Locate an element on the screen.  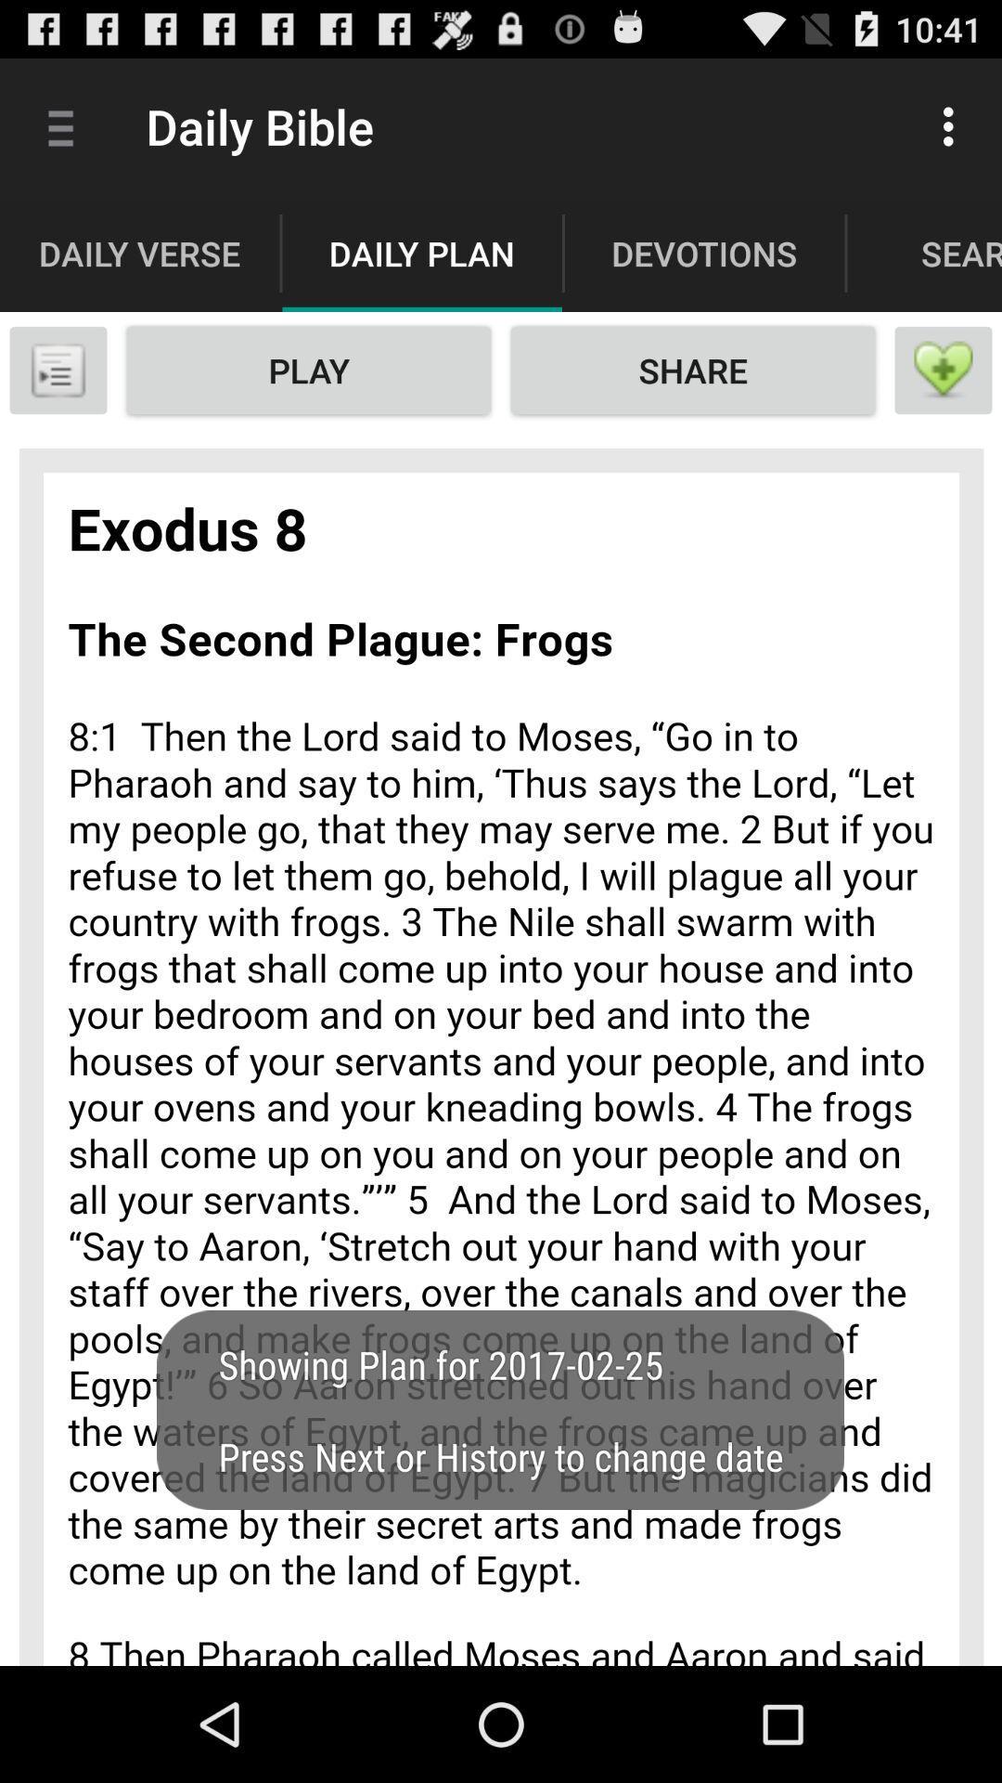
like button is located at coordinates (944, 370).